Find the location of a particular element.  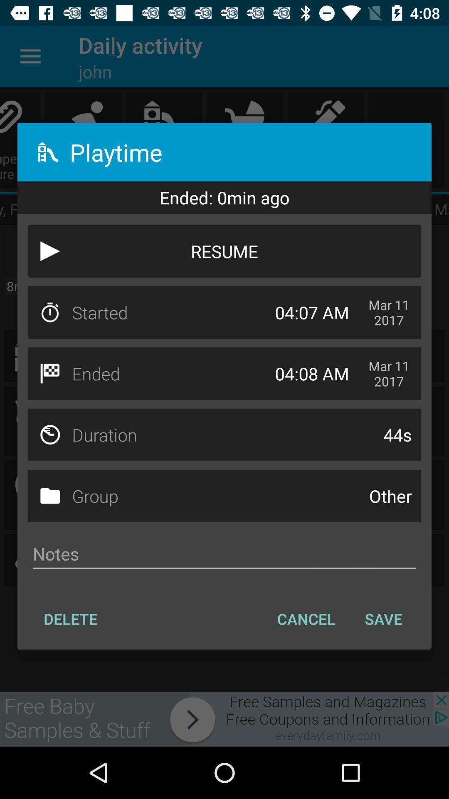

the icon below group is located at coordinates (224, 554).